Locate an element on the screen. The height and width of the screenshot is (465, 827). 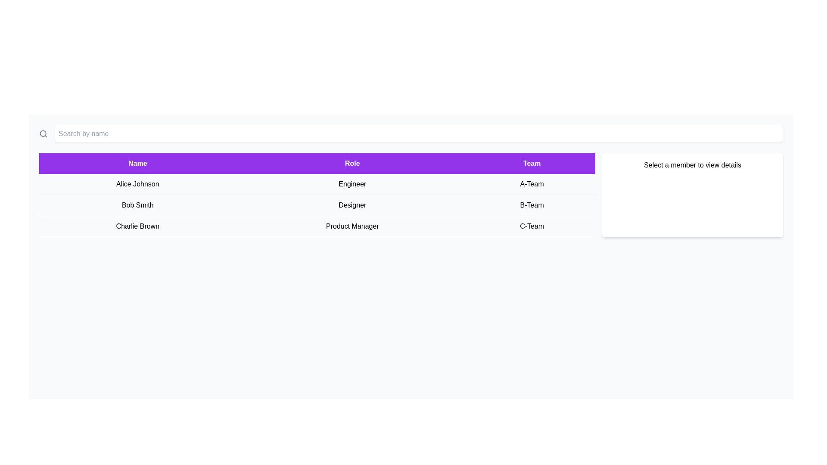
the text label with a purple background that reads 'Team', which is the third column header in the table, located to the right of the 'Role' header is located at coordinates (532, 164).